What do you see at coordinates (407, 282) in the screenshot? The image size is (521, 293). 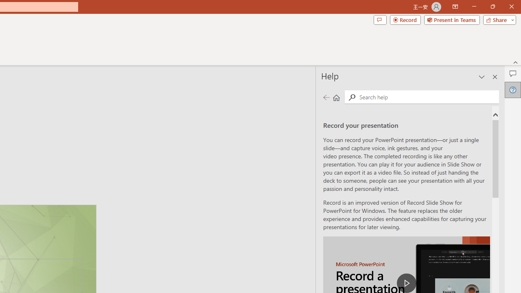 I see `'play Record a Presentation'` at bounding box center [407, 282].